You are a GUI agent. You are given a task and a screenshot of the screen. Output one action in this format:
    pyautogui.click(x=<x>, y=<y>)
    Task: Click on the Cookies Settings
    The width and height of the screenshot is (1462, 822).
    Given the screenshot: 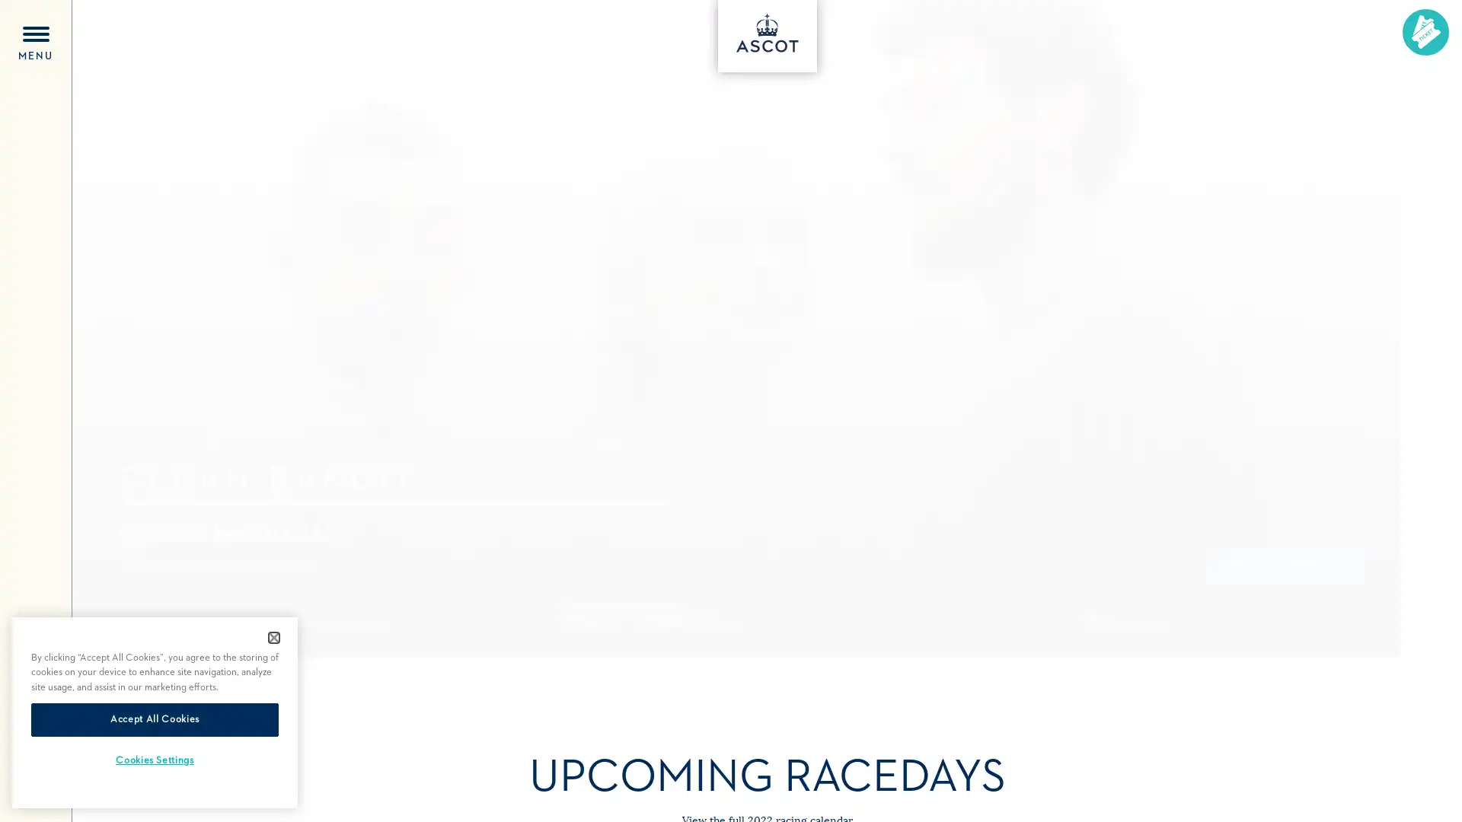 What is the action you would take?
    pyautogui.click(x=155, y=760)
    